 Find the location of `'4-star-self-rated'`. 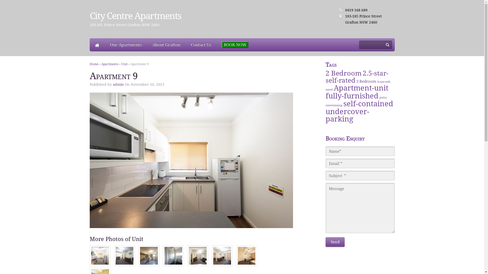

'4-star-self-rated' is located at coordinates (358, 85).